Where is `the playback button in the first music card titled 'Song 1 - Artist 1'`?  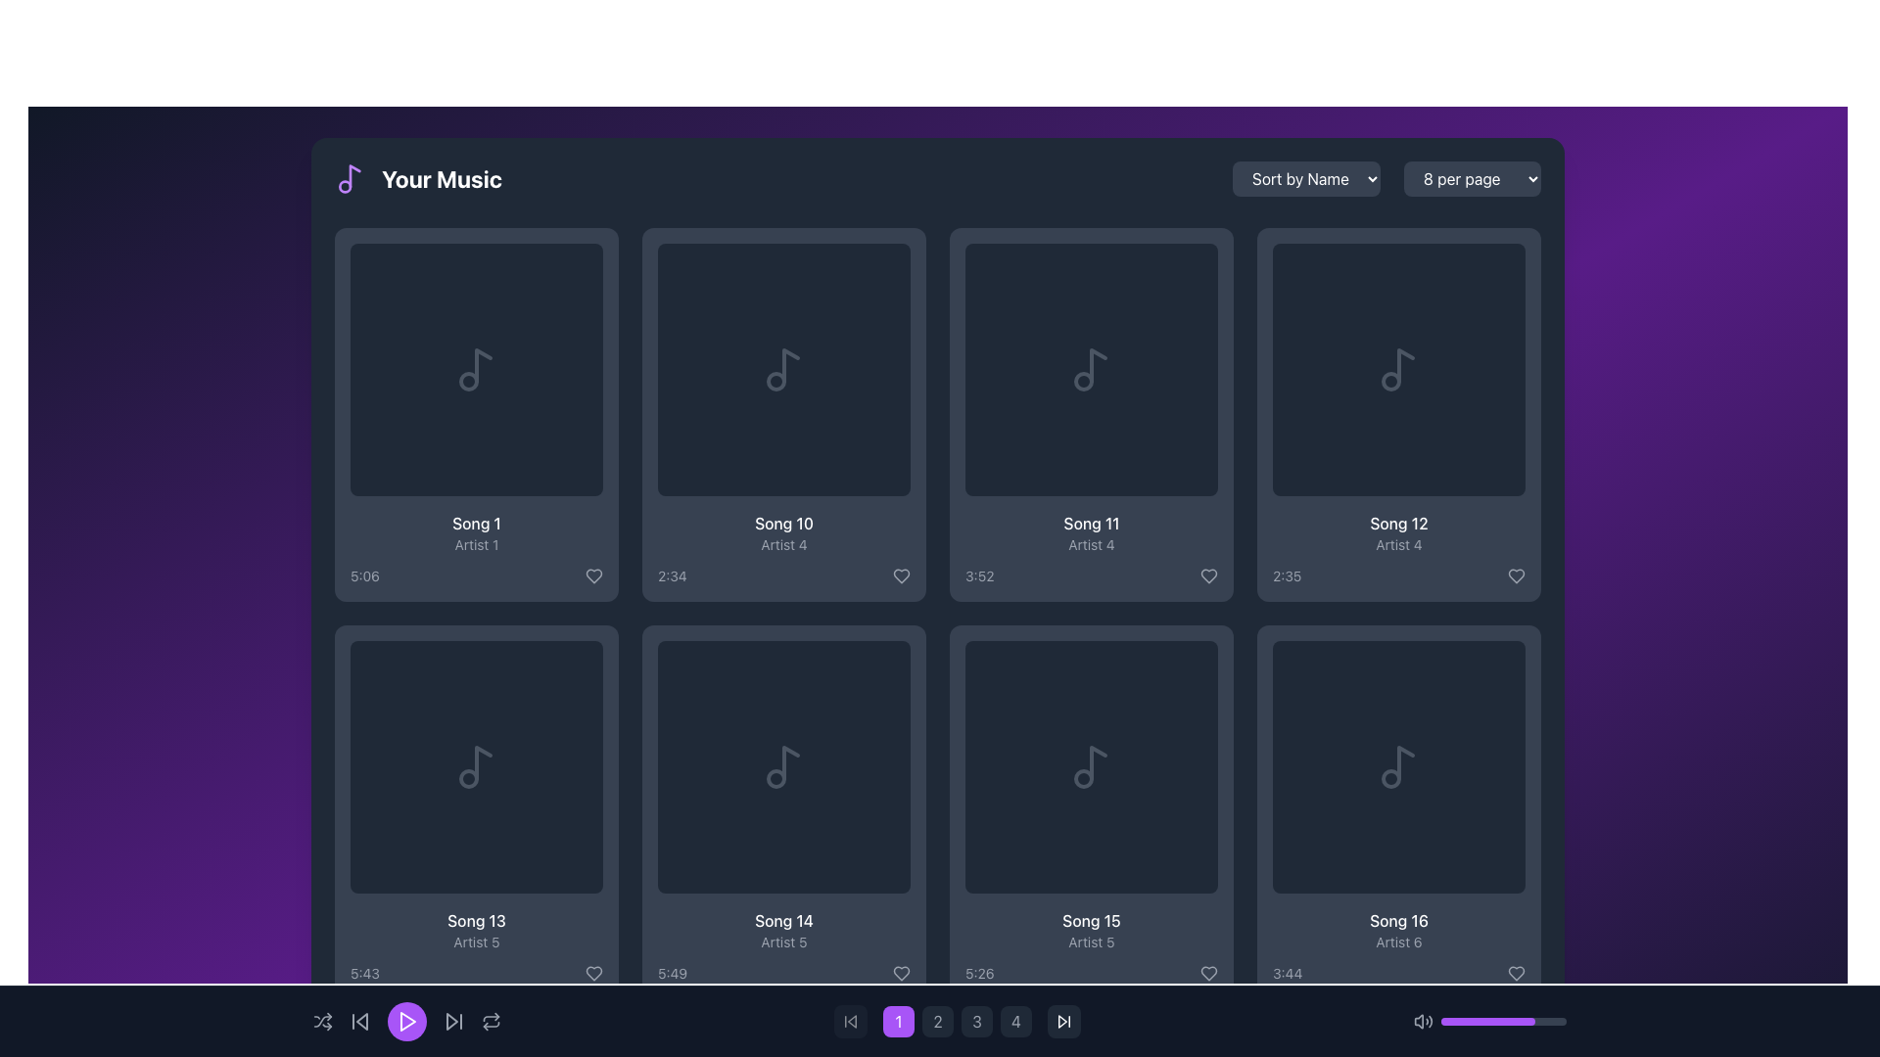
the playback button in the first music card titled 'Song 1 - Artist 1' is located at coordinates (476, 370).